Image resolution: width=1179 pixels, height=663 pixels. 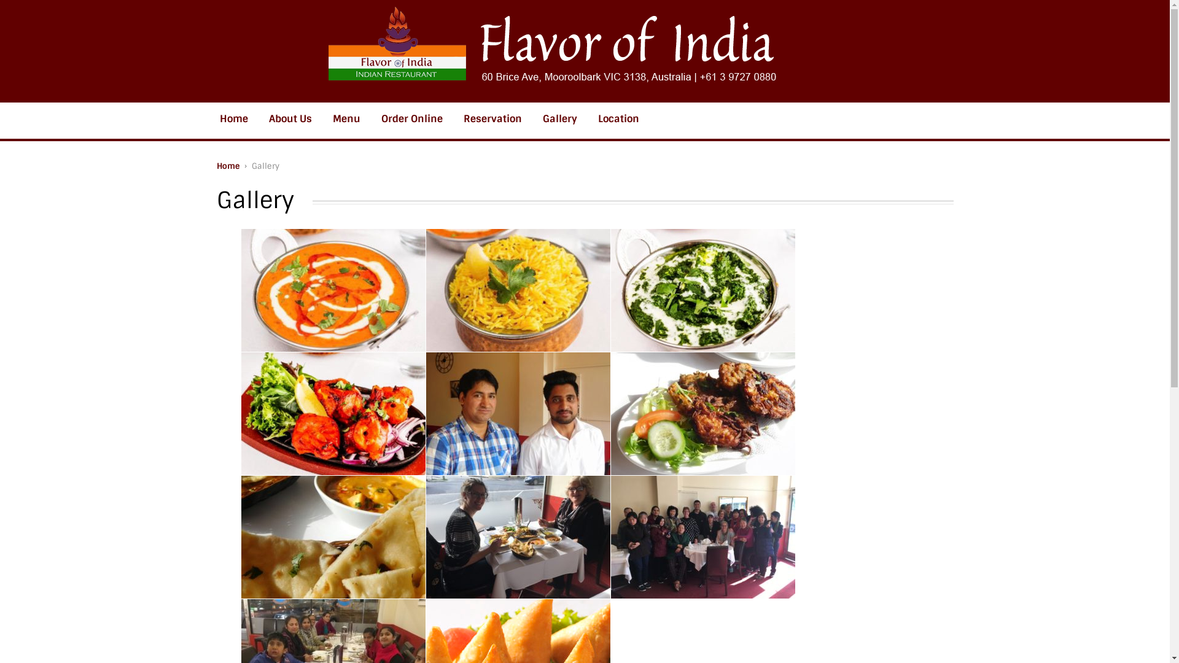 What do you see at coordinates (518, 414) in the screenshot?
I see `'gal1'` at bounding box center [518, 414].